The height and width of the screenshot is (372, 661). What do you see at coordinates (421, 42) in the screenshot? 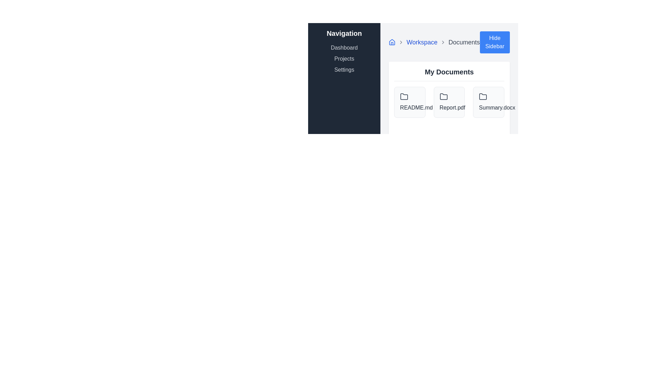
I see `the 'Workspace' text label in the breadcrumb navigation, which is styled with a blue font and located between the home icon and the label 'Documents'` at bounding box center [421, 42].